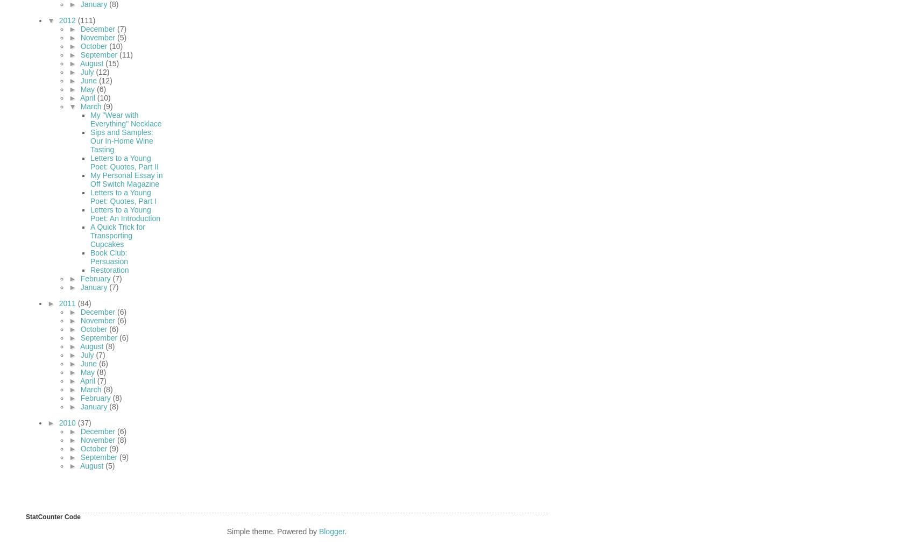  Describe the element at coordinates (53, 516) in the screenshot. I see `'StatCounter Code'` at that location.